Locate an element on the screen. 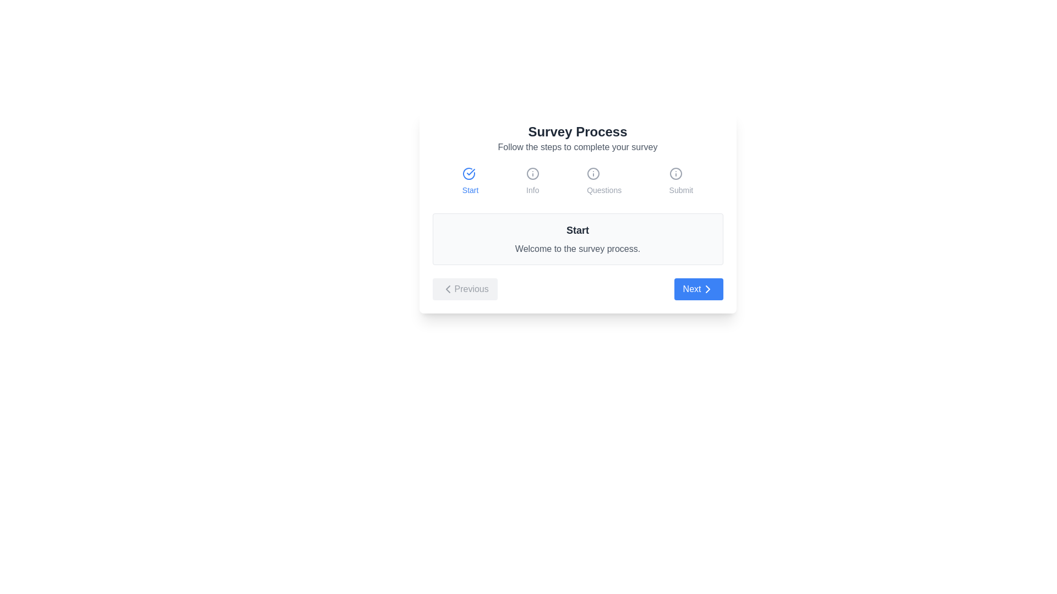 The image size is (1057, 594). the text label that provides context for an adjacent element, located directly below a checkmark icon in a step-process UI layout is located at coordinates (470, 190).